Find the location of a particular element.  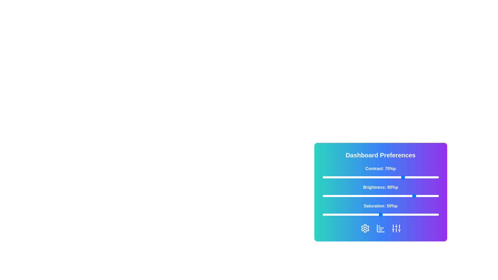

the 'Saturation' slider to 59% is located at coordinates (391, 215).